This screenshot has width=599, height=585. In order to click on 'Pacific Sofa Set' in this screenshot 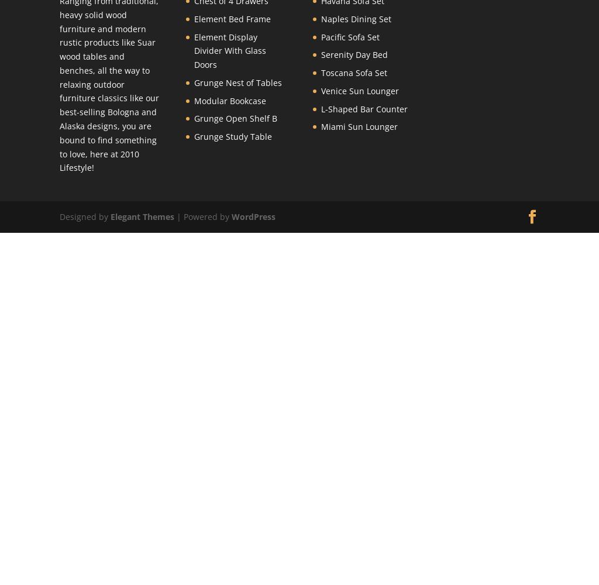, I will do `click(321, 36)`.